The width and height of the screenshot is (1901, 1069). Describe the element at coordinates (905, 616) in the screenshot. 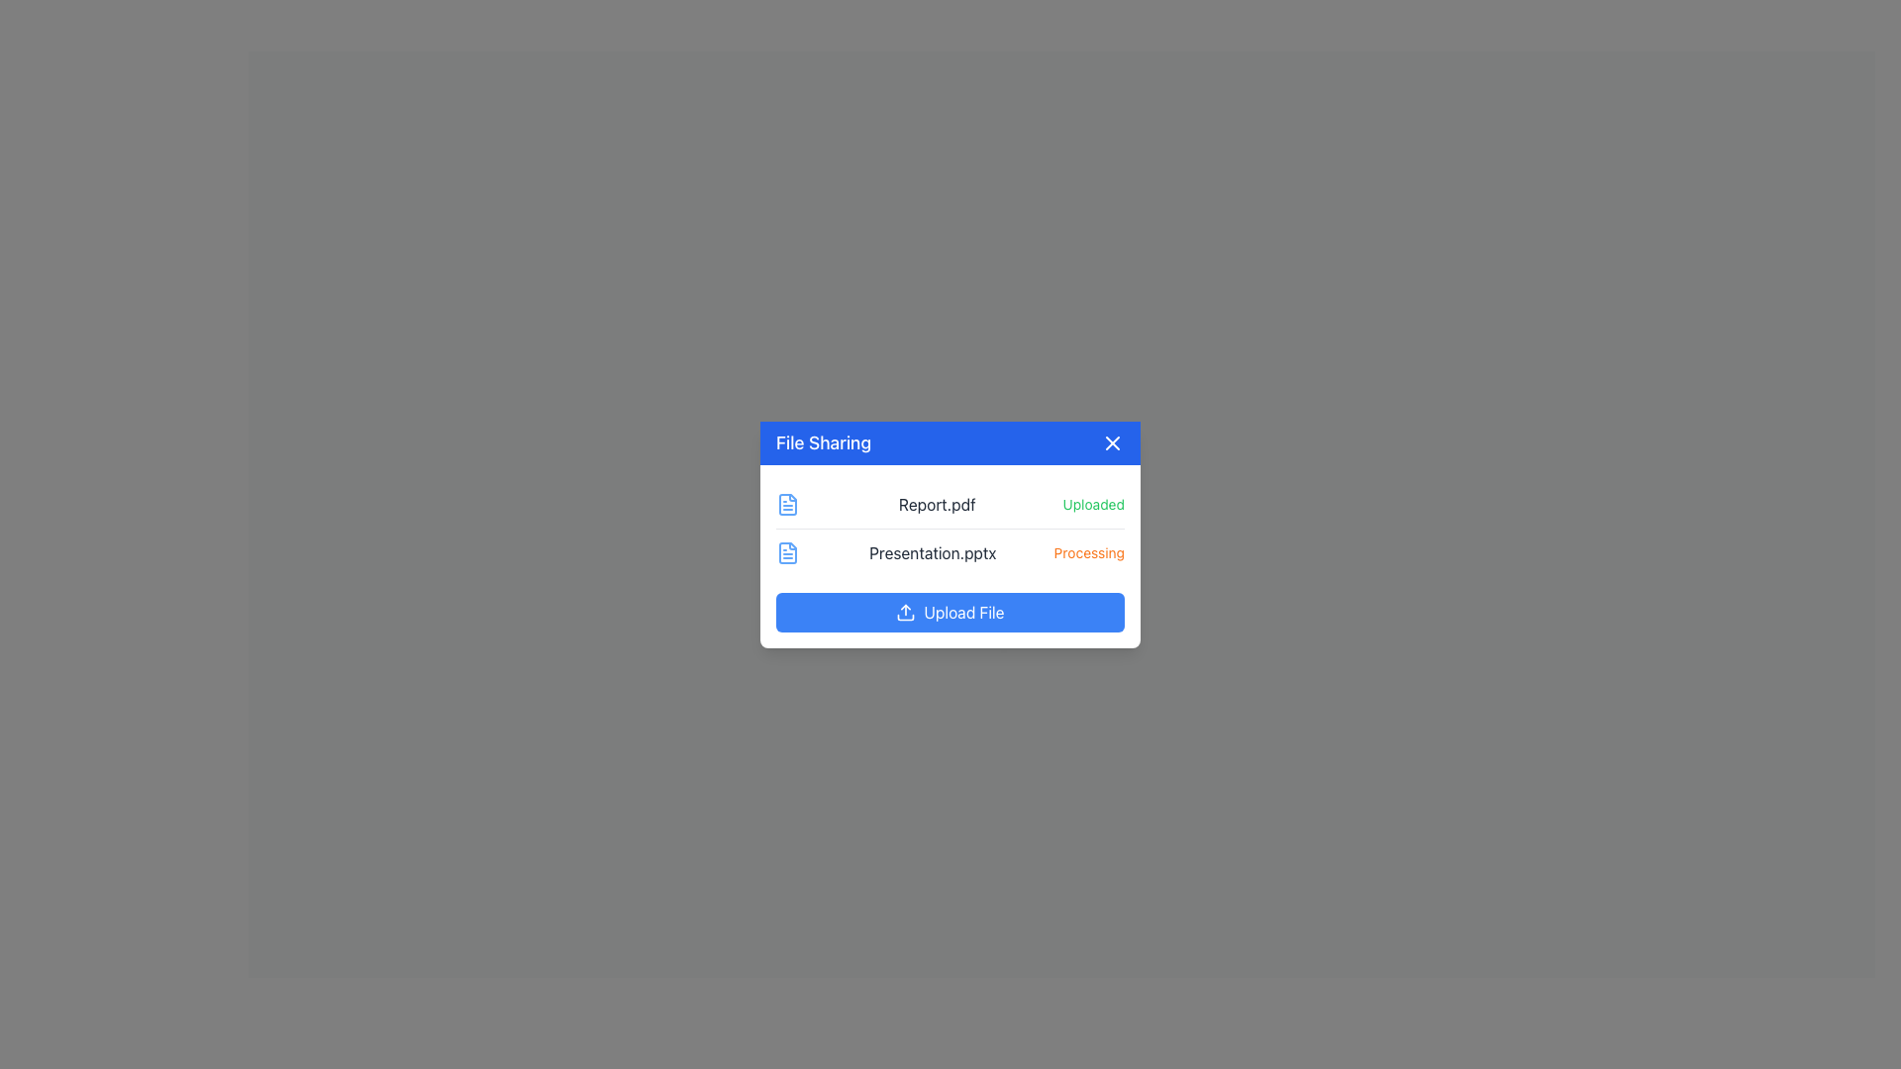

I see `the 'Upload File' button which contains the upload icon element in the 'File Sharing' dialog` at that location.